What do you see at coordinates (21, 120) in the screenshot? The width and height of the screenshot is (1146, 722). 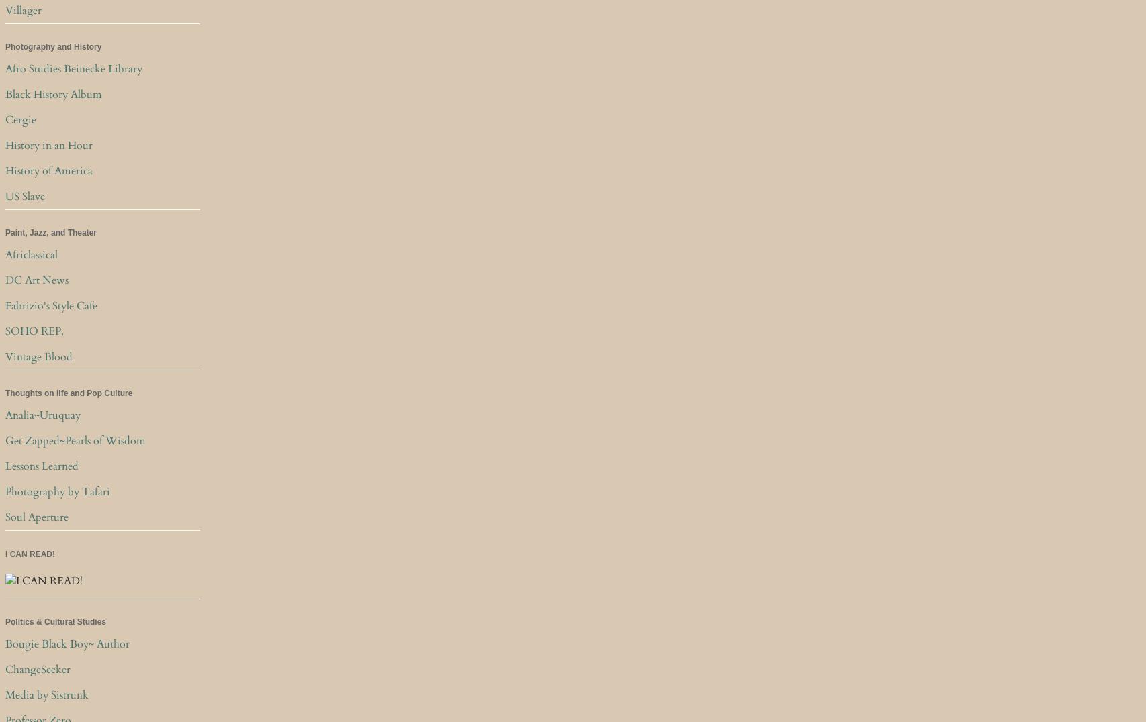 I see `'Cergie'` at bounding box center [21, 120].